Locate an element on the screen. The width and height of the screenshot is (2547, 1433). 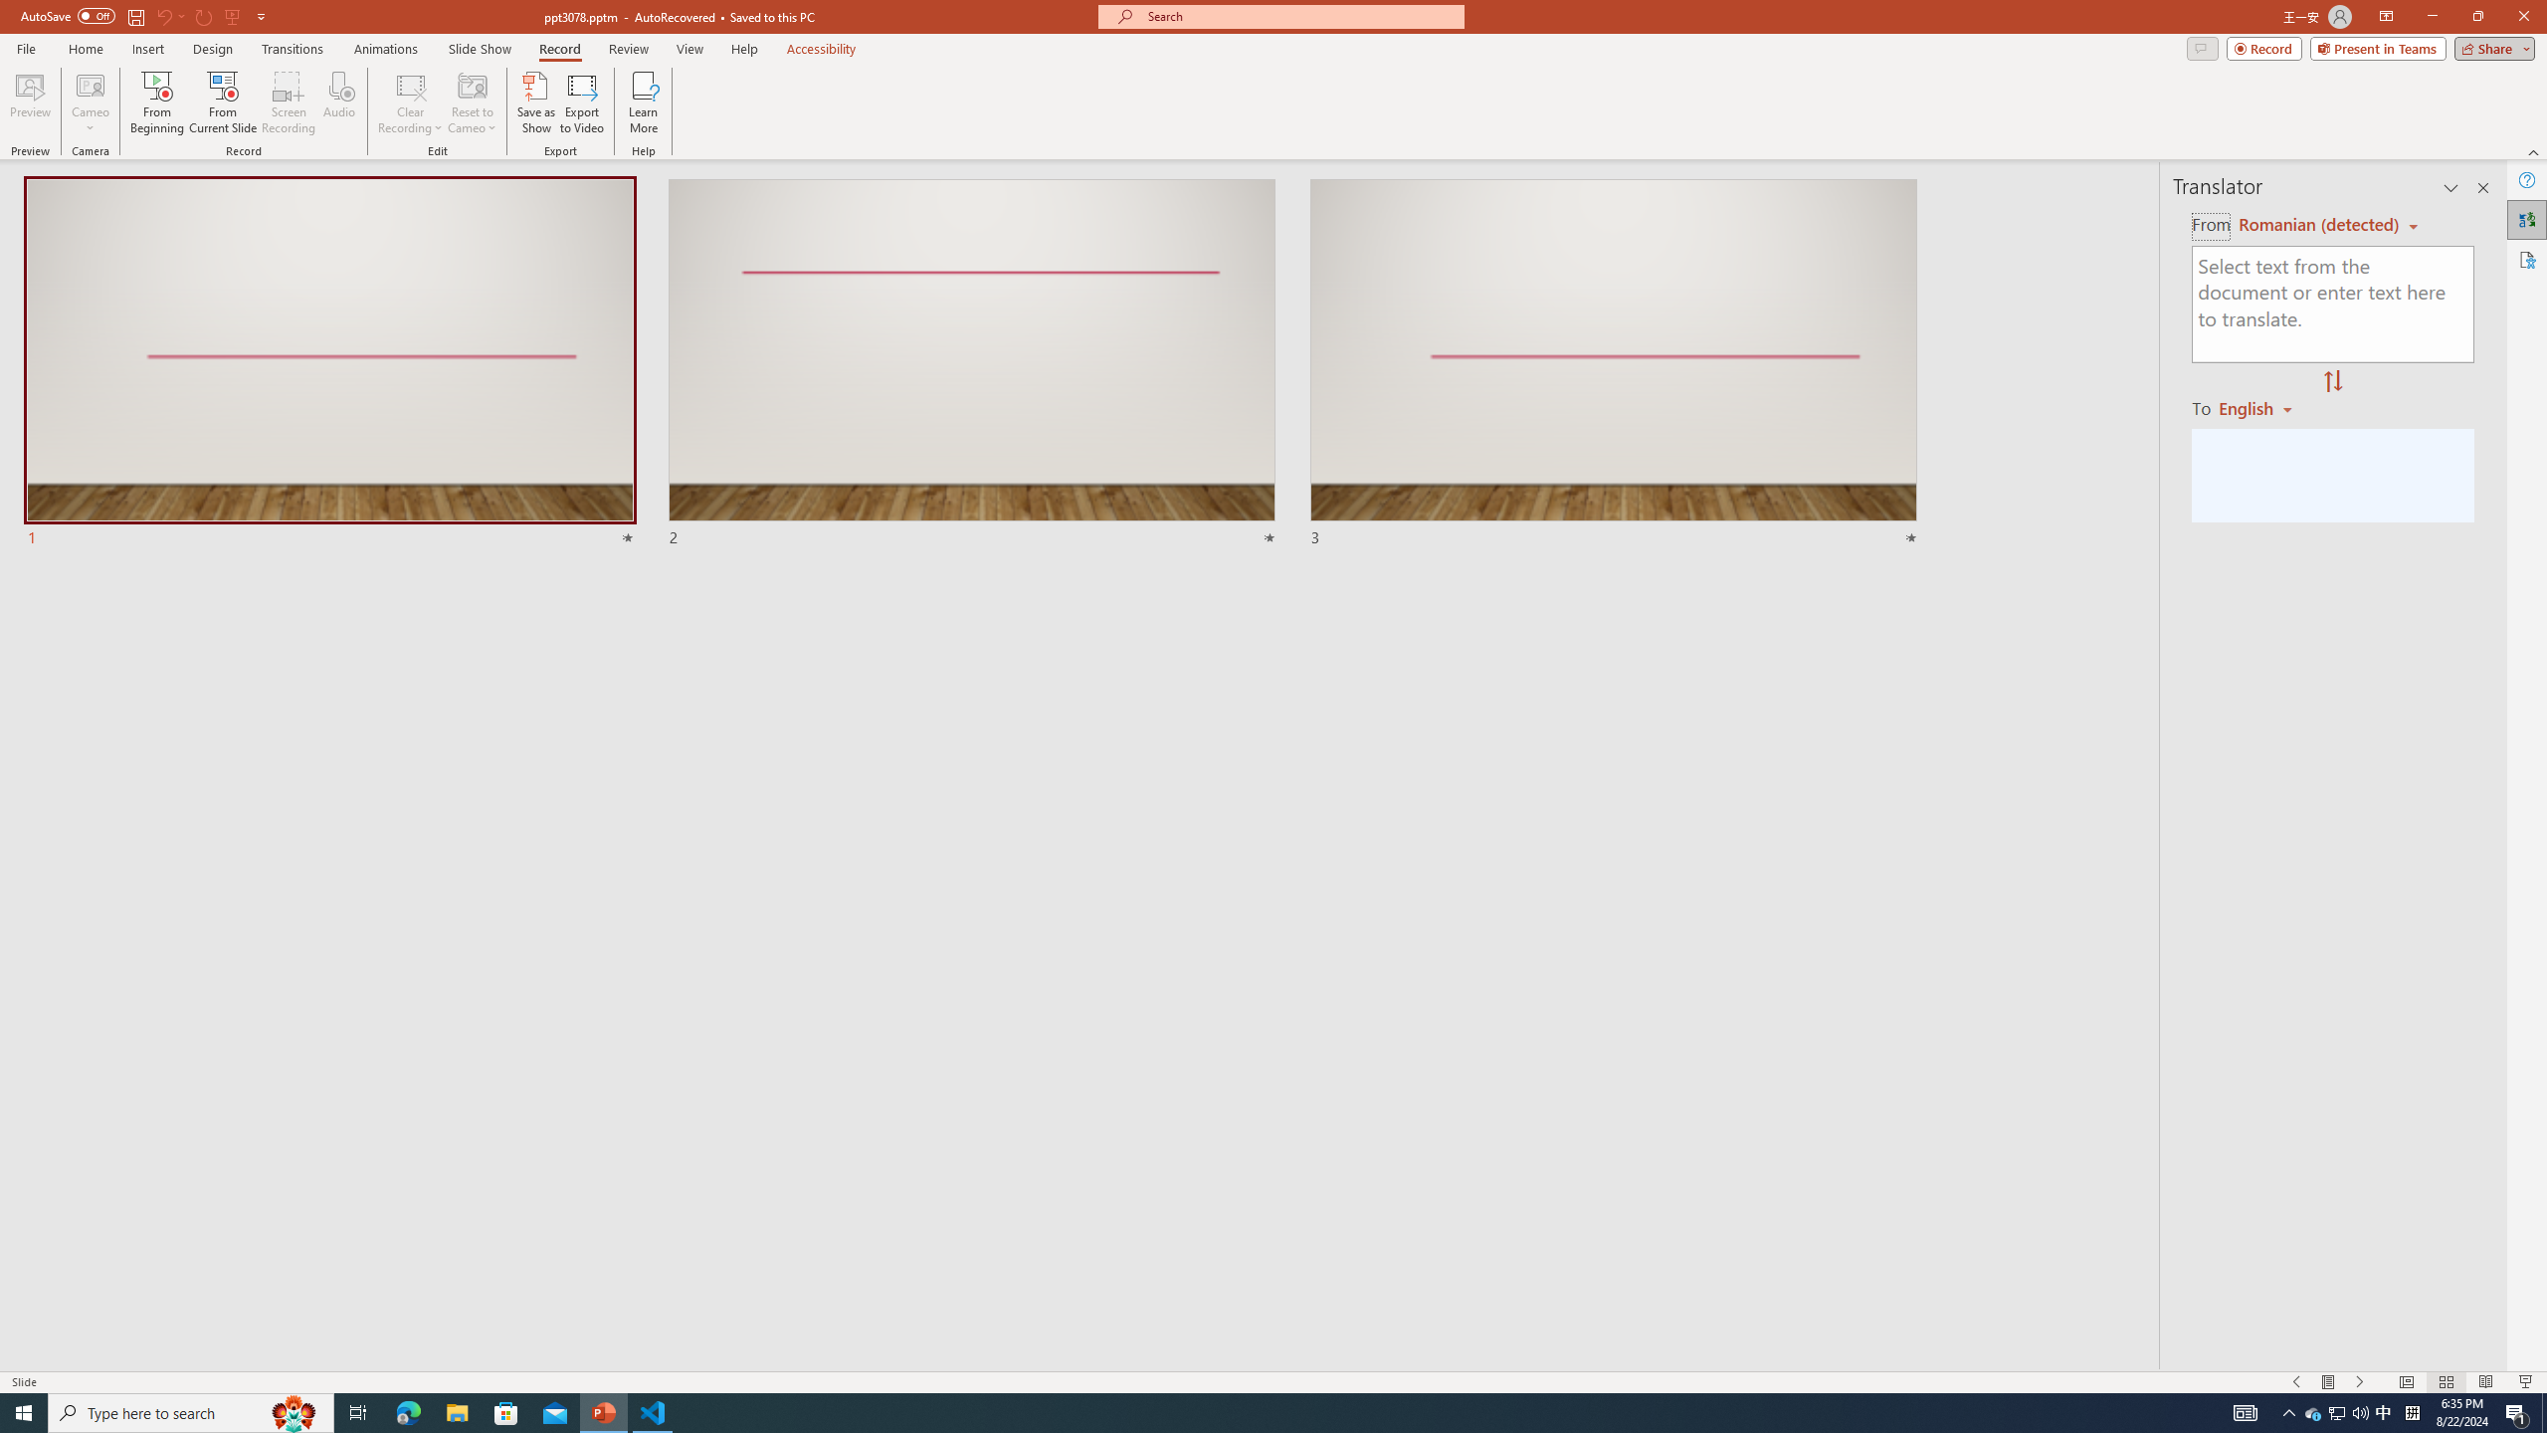
'Czech (detected)' is located at coordinates (2315, 224).